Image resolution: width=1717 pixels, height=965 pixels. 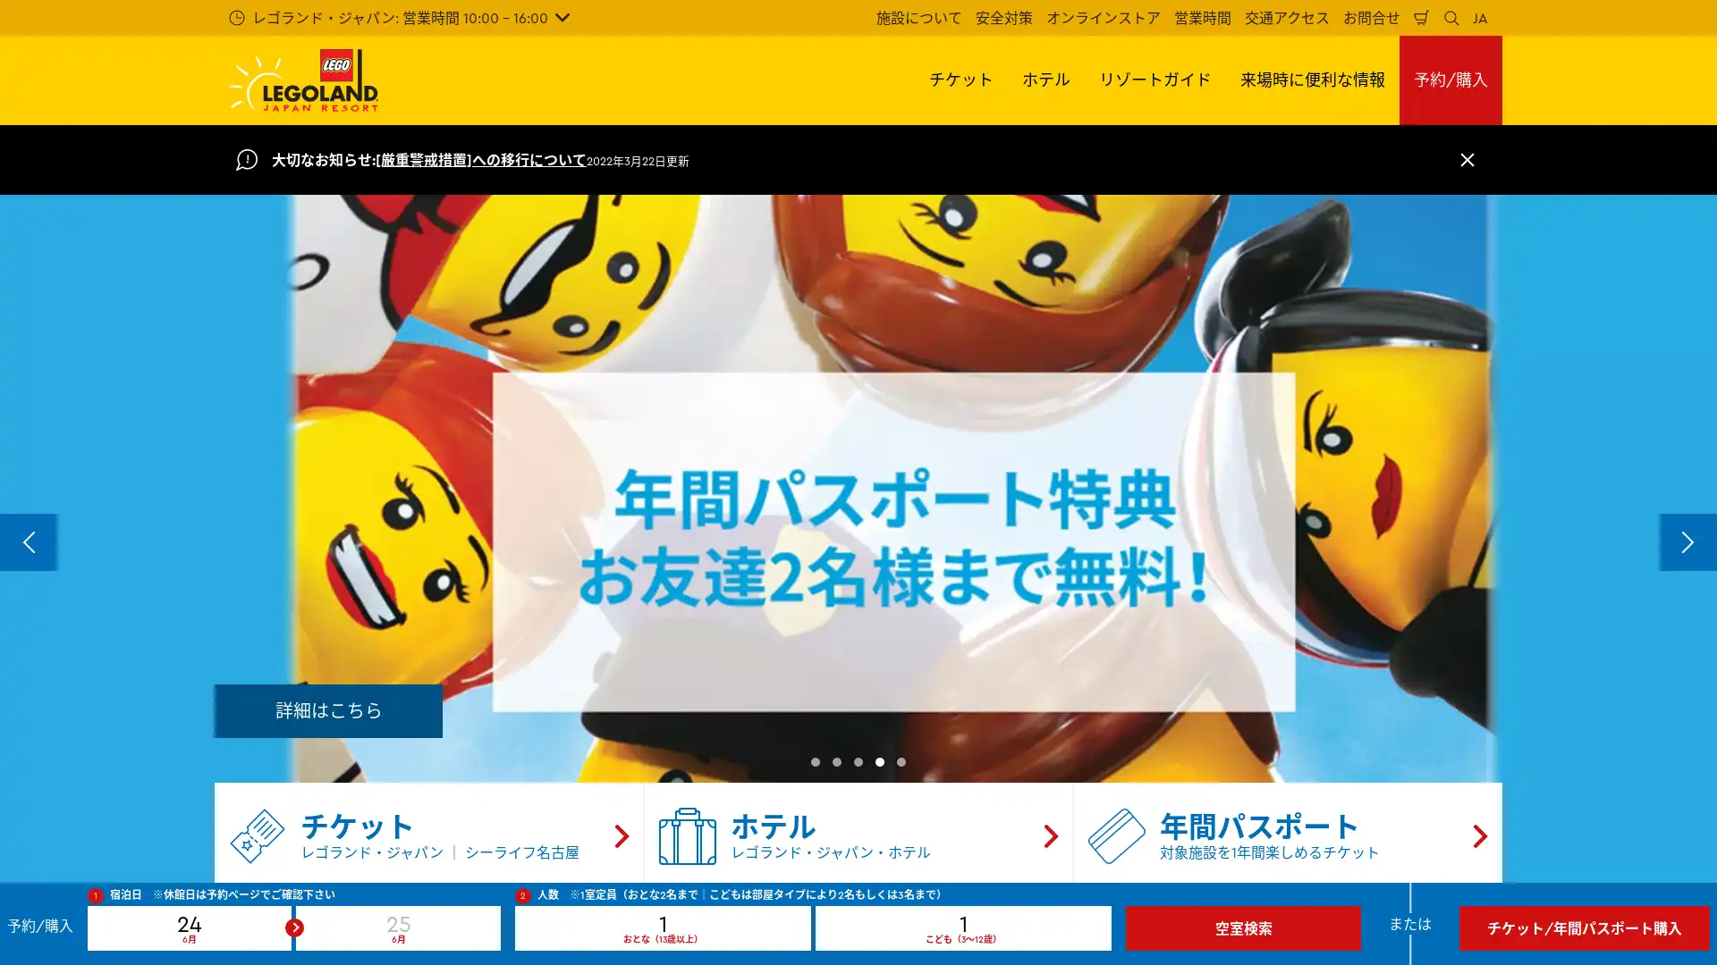 What do you see at coordinates (815, 761) in the screenshot?
I see `Go to slide 1` at bounding box center [815, 761].